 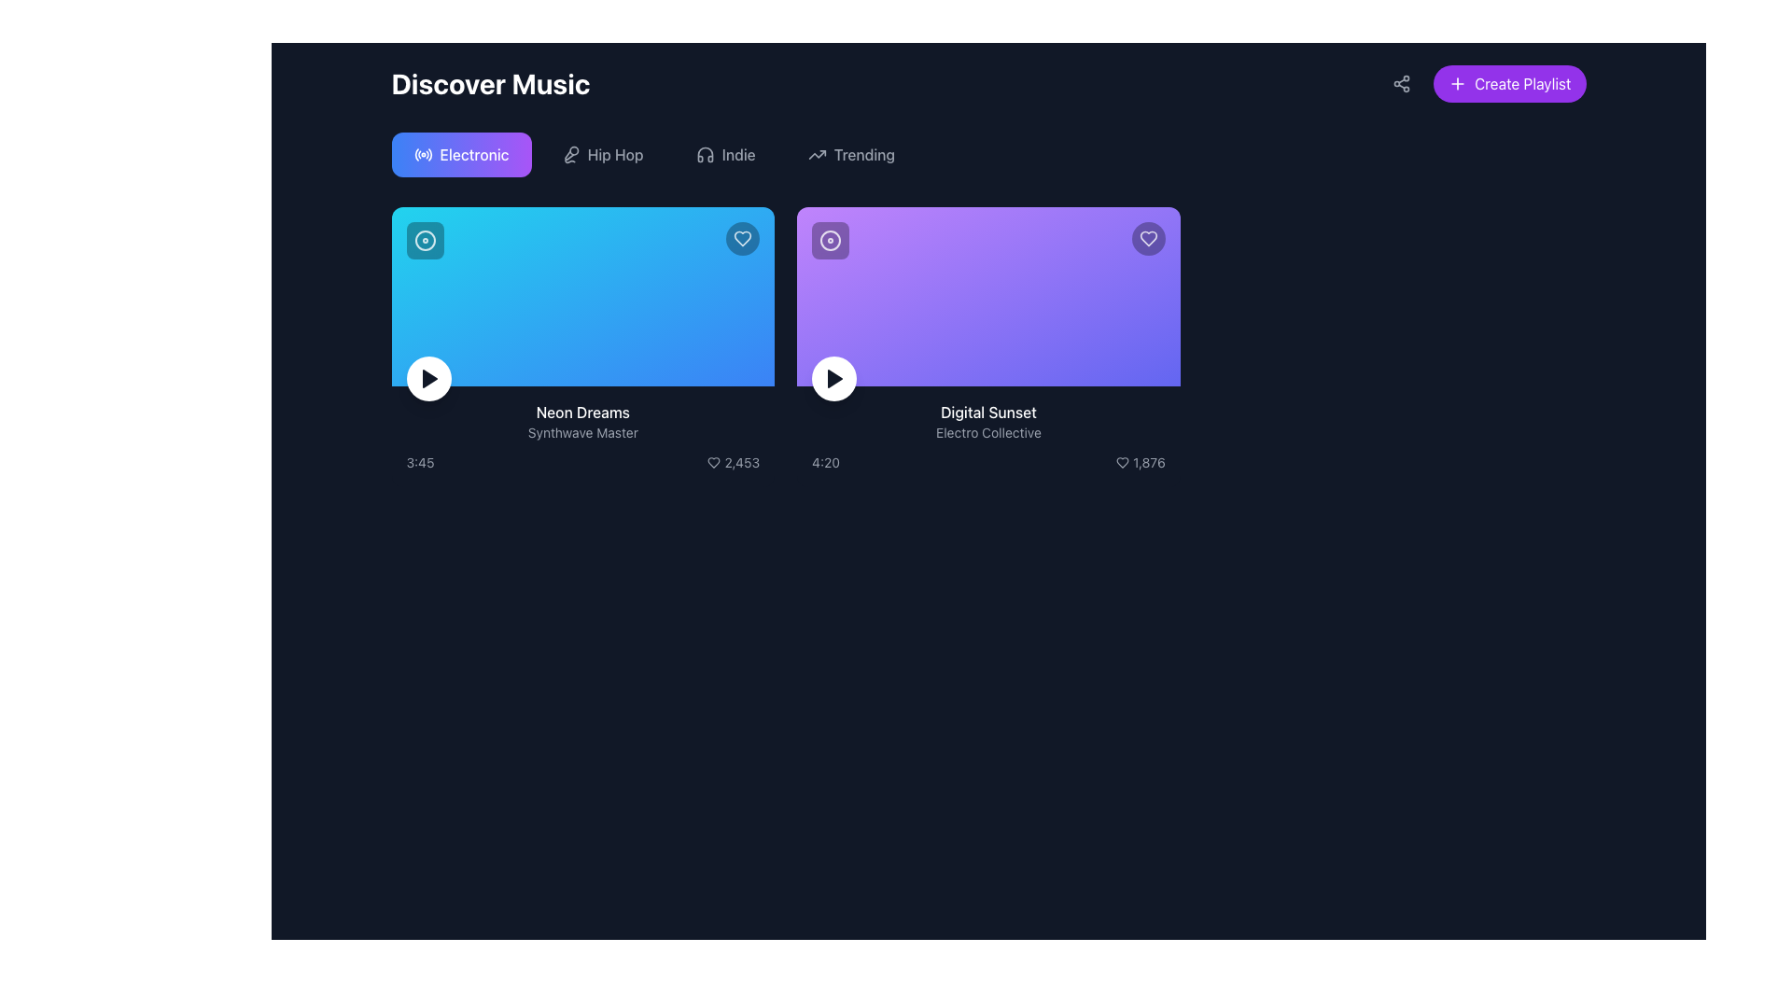 What do you see at coordinates (1509, 82) in the screenshot?
I see `the 'Create Playlist' button, which is a rounded button with a bright purple background and white text, located in the top-right corner of the interface` at bounding box center [1509, 82].